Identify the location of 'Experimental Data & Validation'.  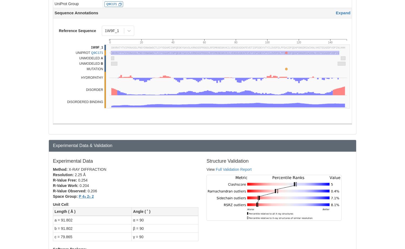
(83, 145).